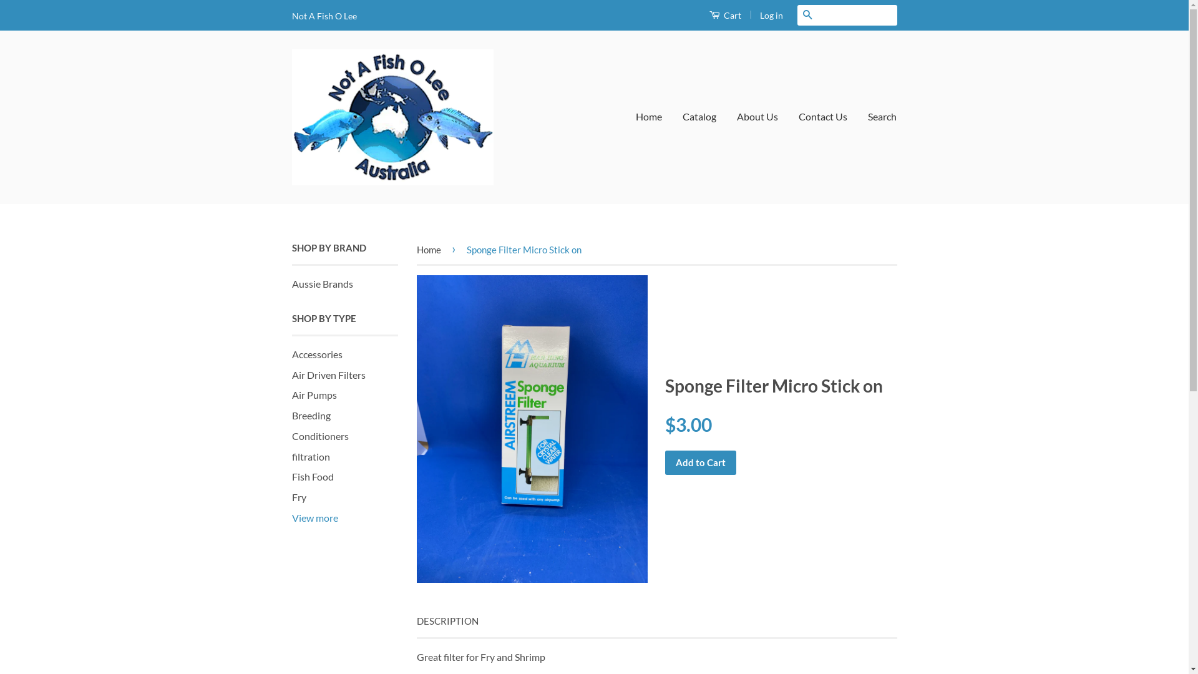 The width and height of the screenshot is (1198, 674). Describe the element at coordinates (724, 14) in the screenshot. I see `'Cart'` at that location.